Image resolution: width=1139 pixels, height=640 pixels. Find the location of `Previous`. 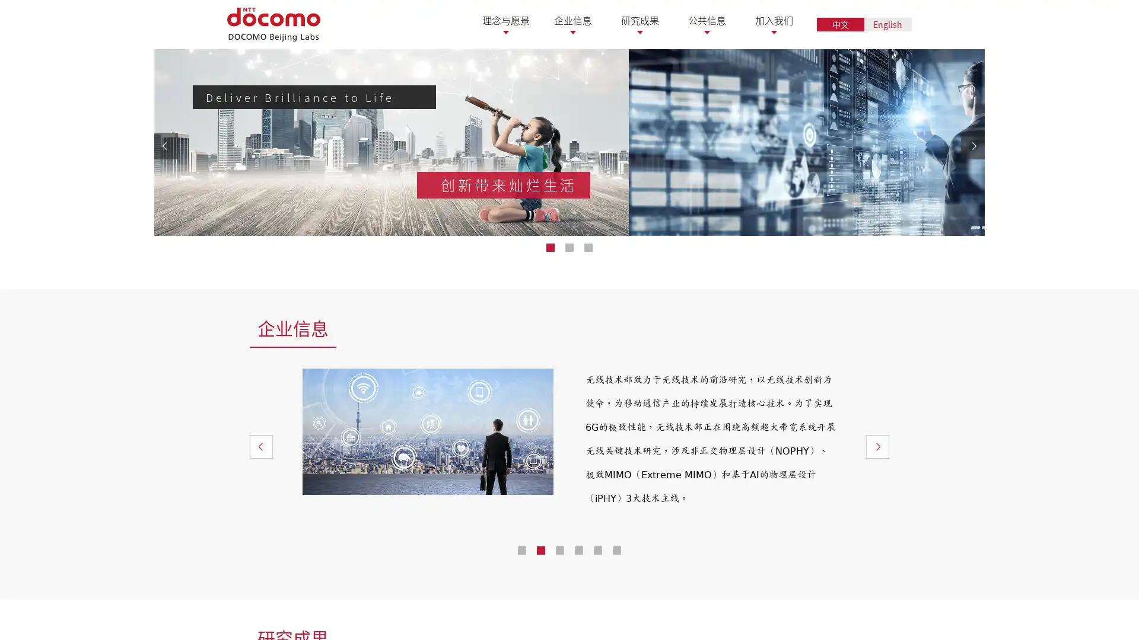

Previous is located at coordinates (165, 216).